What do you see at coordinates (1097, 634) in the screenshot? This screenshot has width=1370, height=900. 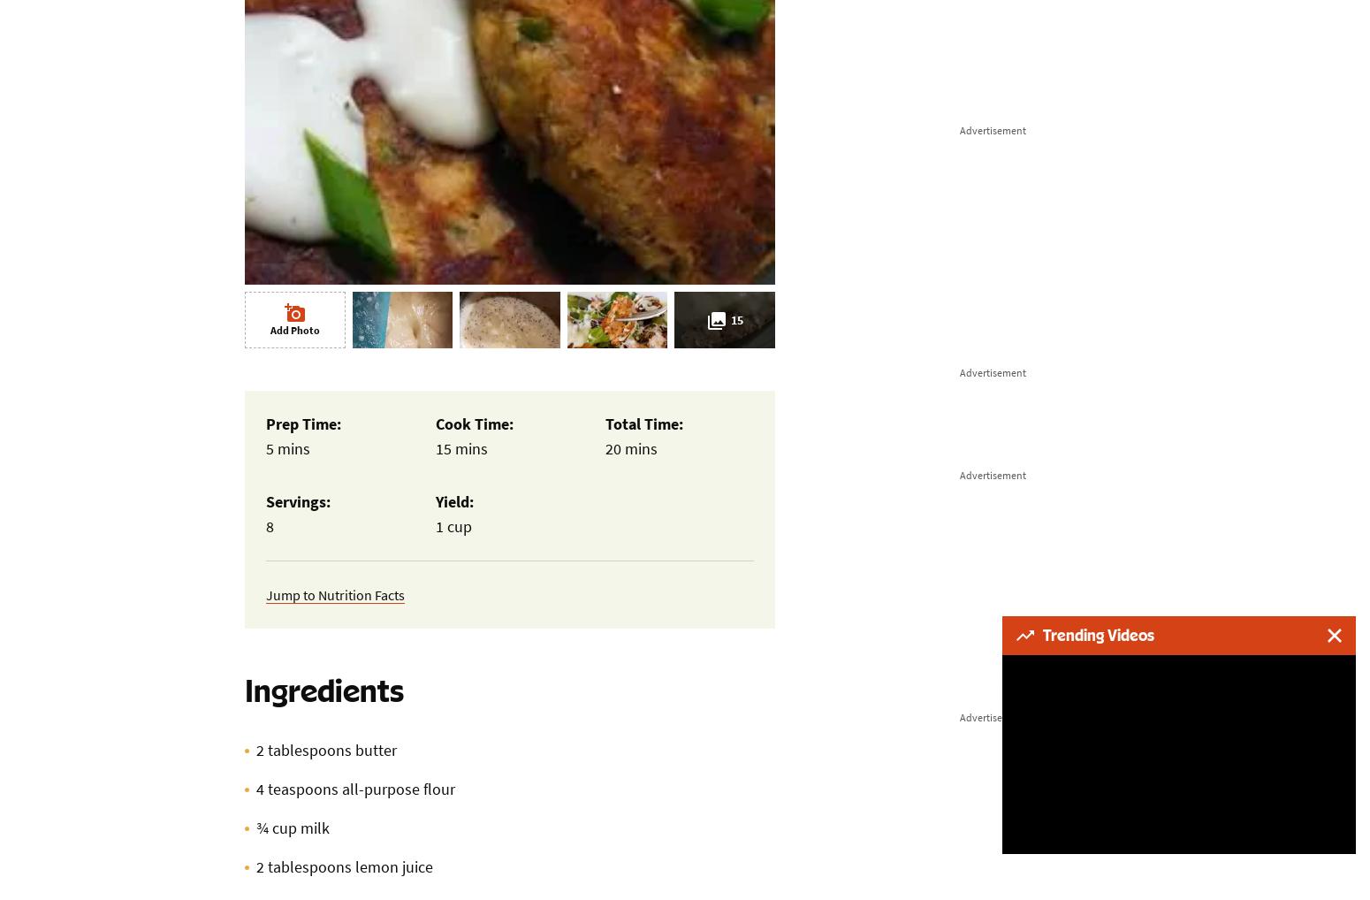 I see `'Trending Videos'` at bounding box center [1097, 634].